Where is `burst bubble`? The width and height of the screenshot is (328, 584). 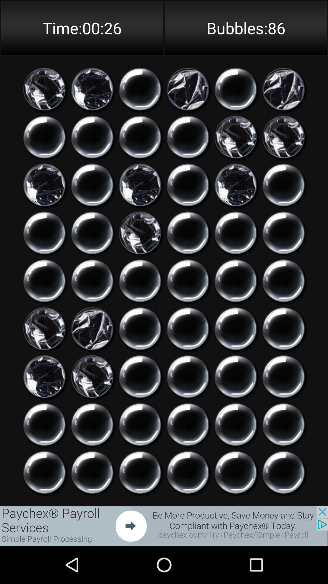
burst bubble is located at coordinates (140, 424).